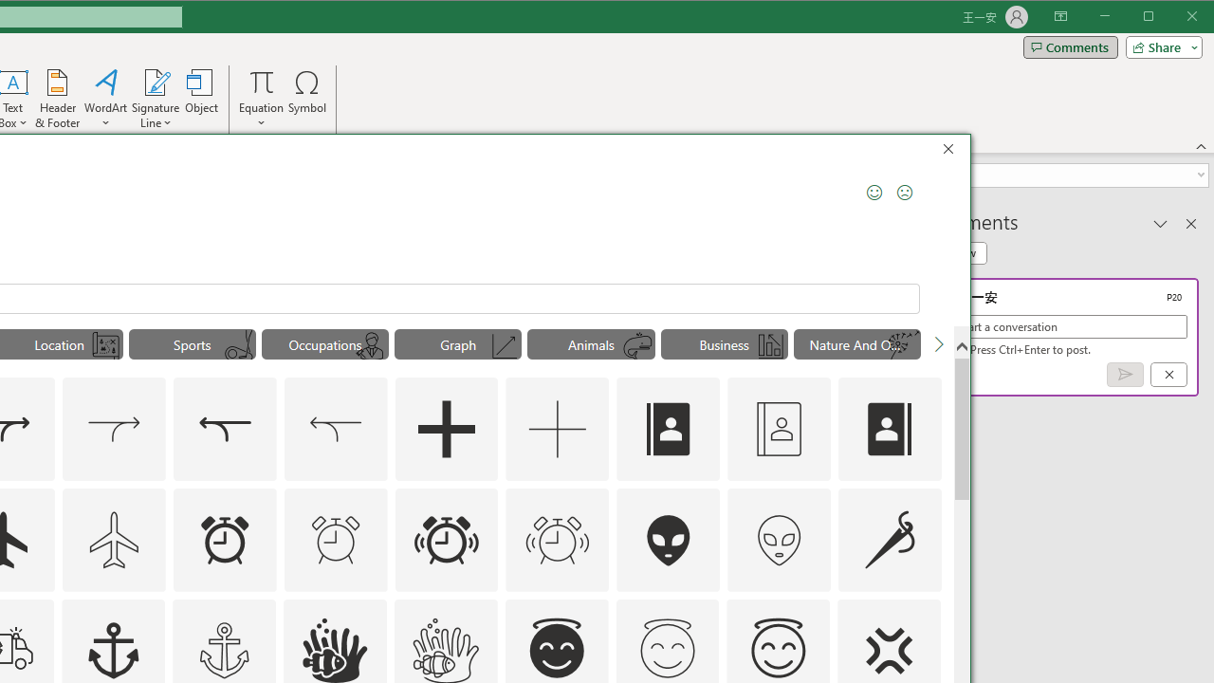 The image size is (1214, 683). I want to click on 'Object...', so click(202, 99).